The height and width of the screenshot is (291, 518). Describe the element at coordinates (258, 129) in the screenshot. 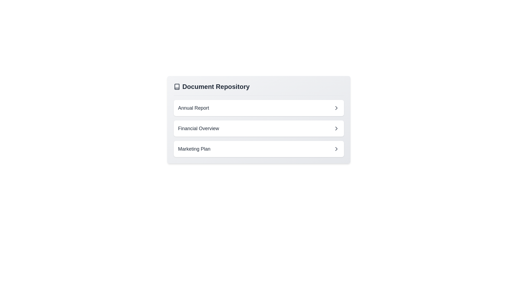

I see `the second card in the 'Document Repository' that navigates to the 'Financial Overview' section` at that location.